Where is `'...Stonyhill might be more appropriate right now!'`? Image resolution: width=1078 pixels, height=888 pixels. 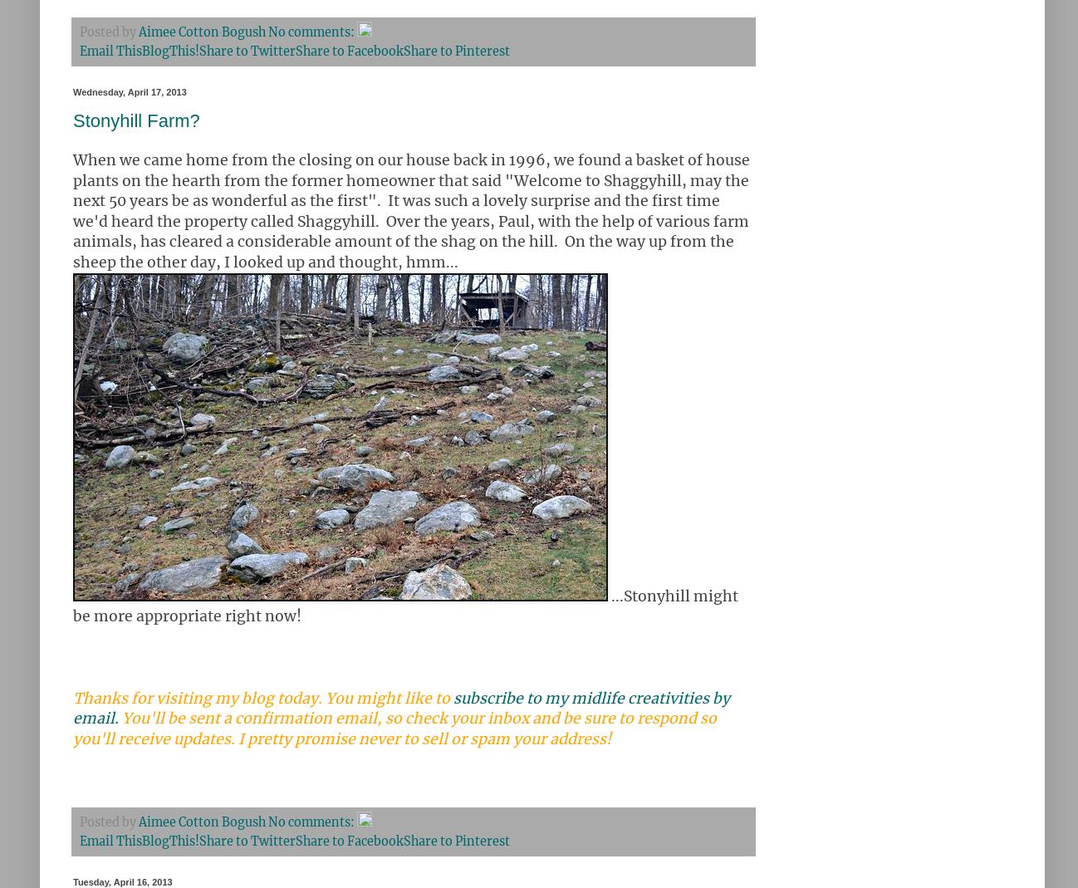 '...Stonyhill might be more appropriate right now!' is located at coordinates (73, 605).